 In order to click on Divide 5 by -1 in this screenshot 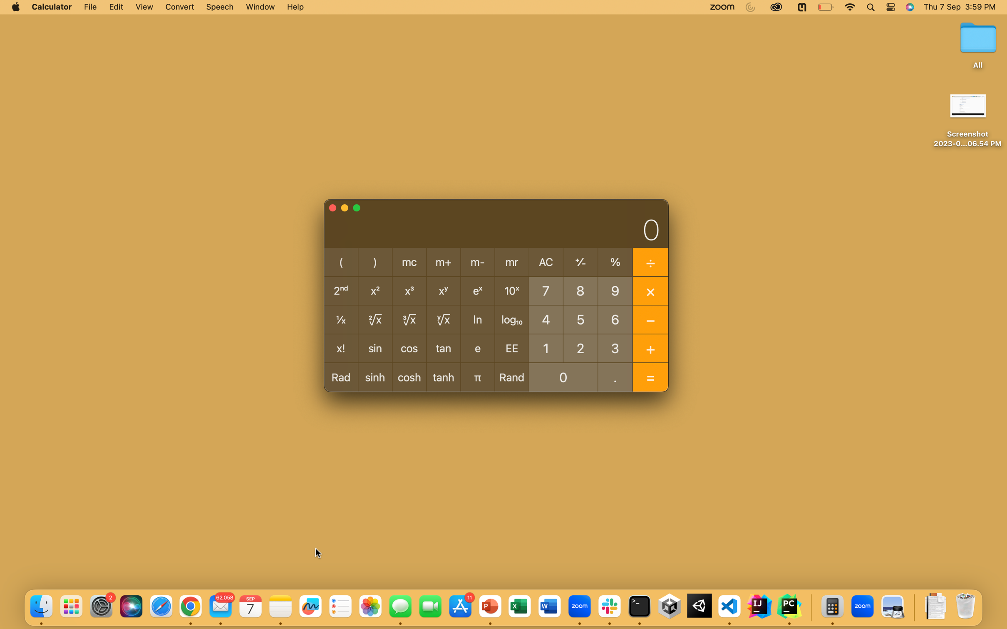, I will do `click(580, 318)`.